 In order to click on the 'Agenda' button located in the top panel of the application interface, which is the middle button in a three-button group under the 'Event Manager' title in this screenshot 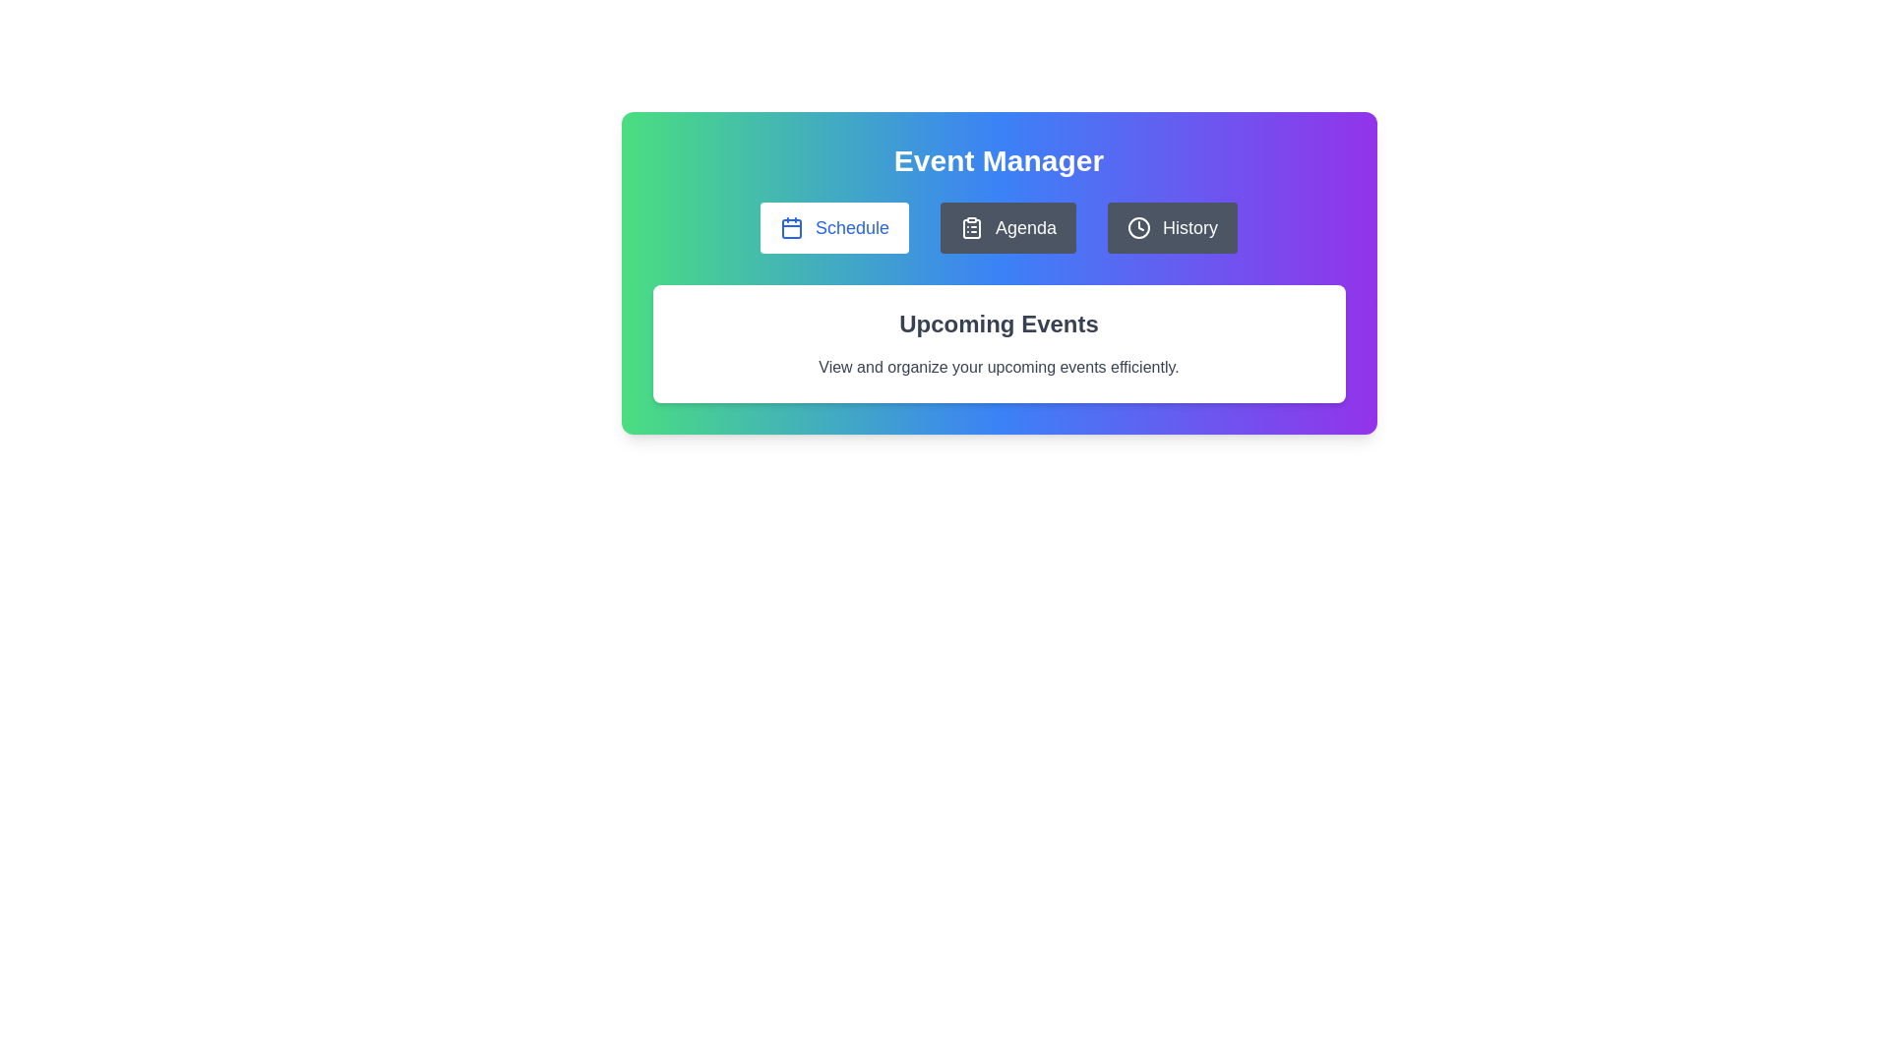, I will do `click(1024, 226)`.